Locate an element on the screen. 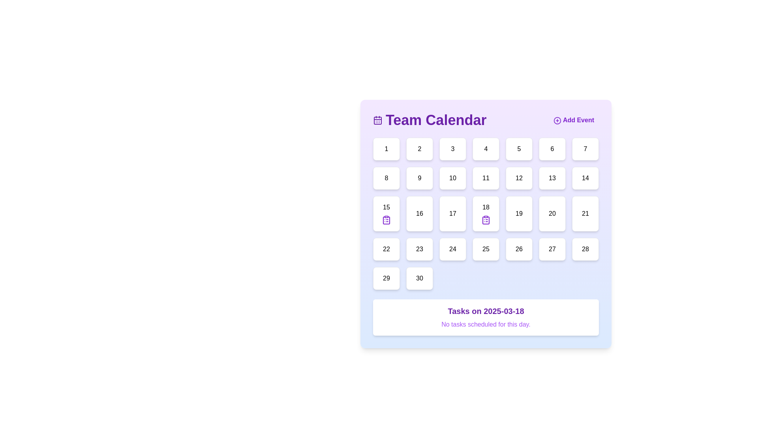 This screenshot has width=758, height=426. the button representing the 10th day of the calendar is located at coordinates (453, 178).